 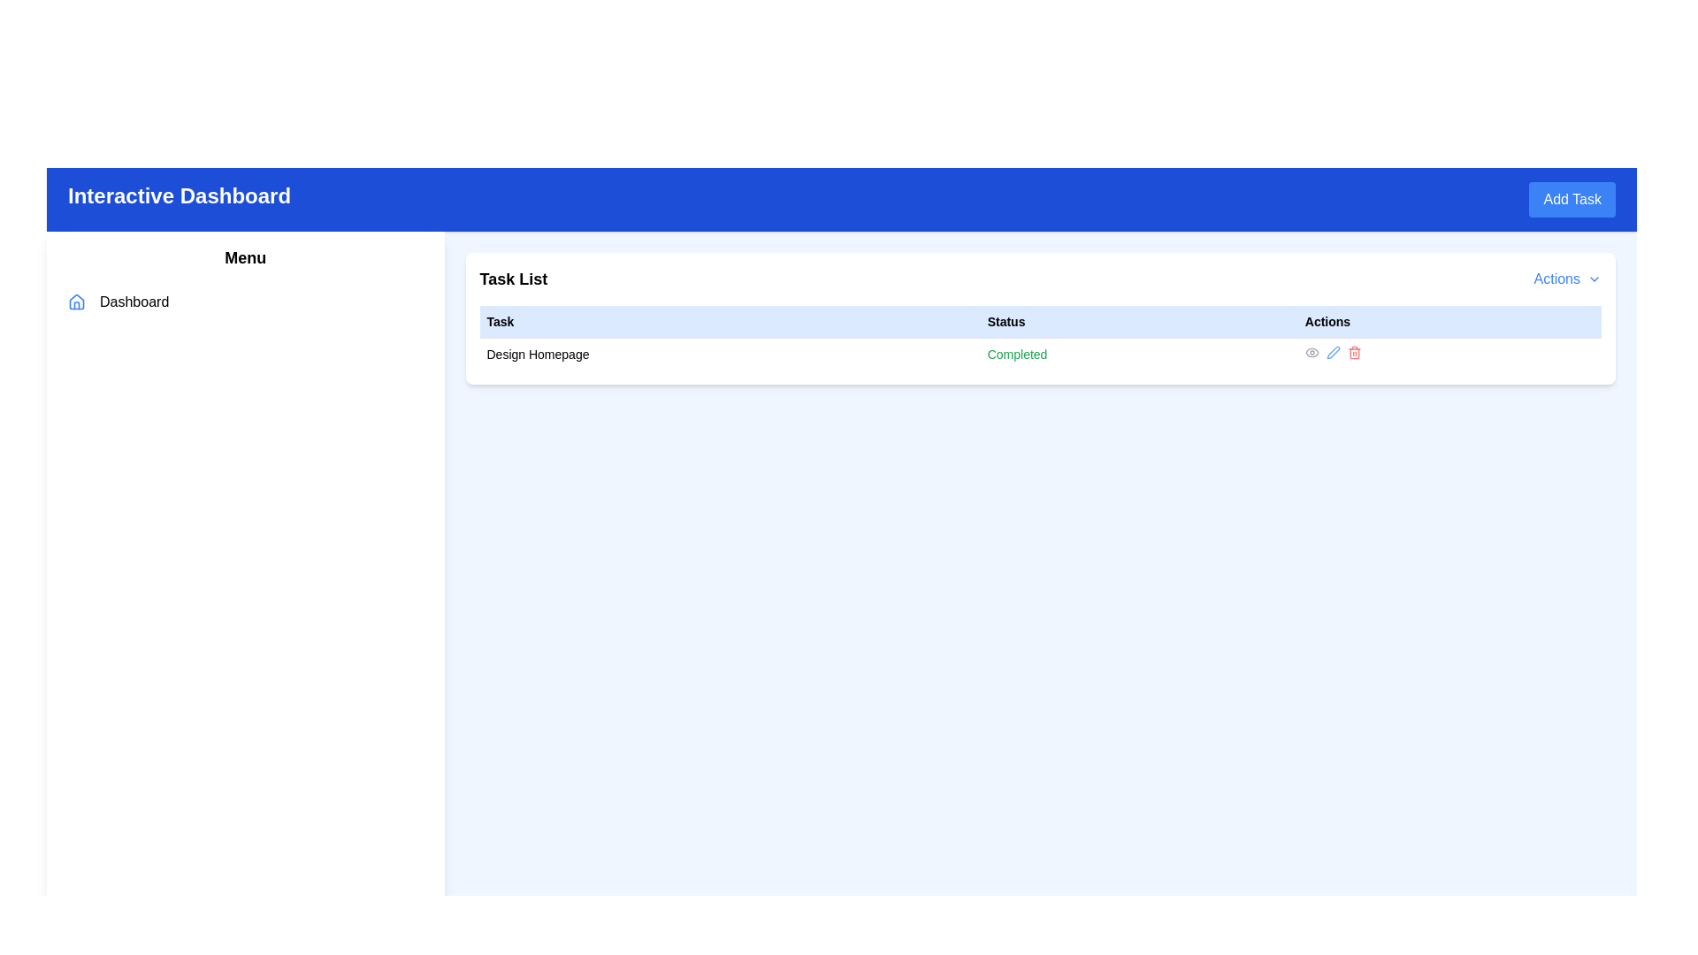 I want to click on the 'Interactive Dashboard' text header, which is bold and white on a blue background, located towards the top left of the application interface, so click(x=180, y=199).